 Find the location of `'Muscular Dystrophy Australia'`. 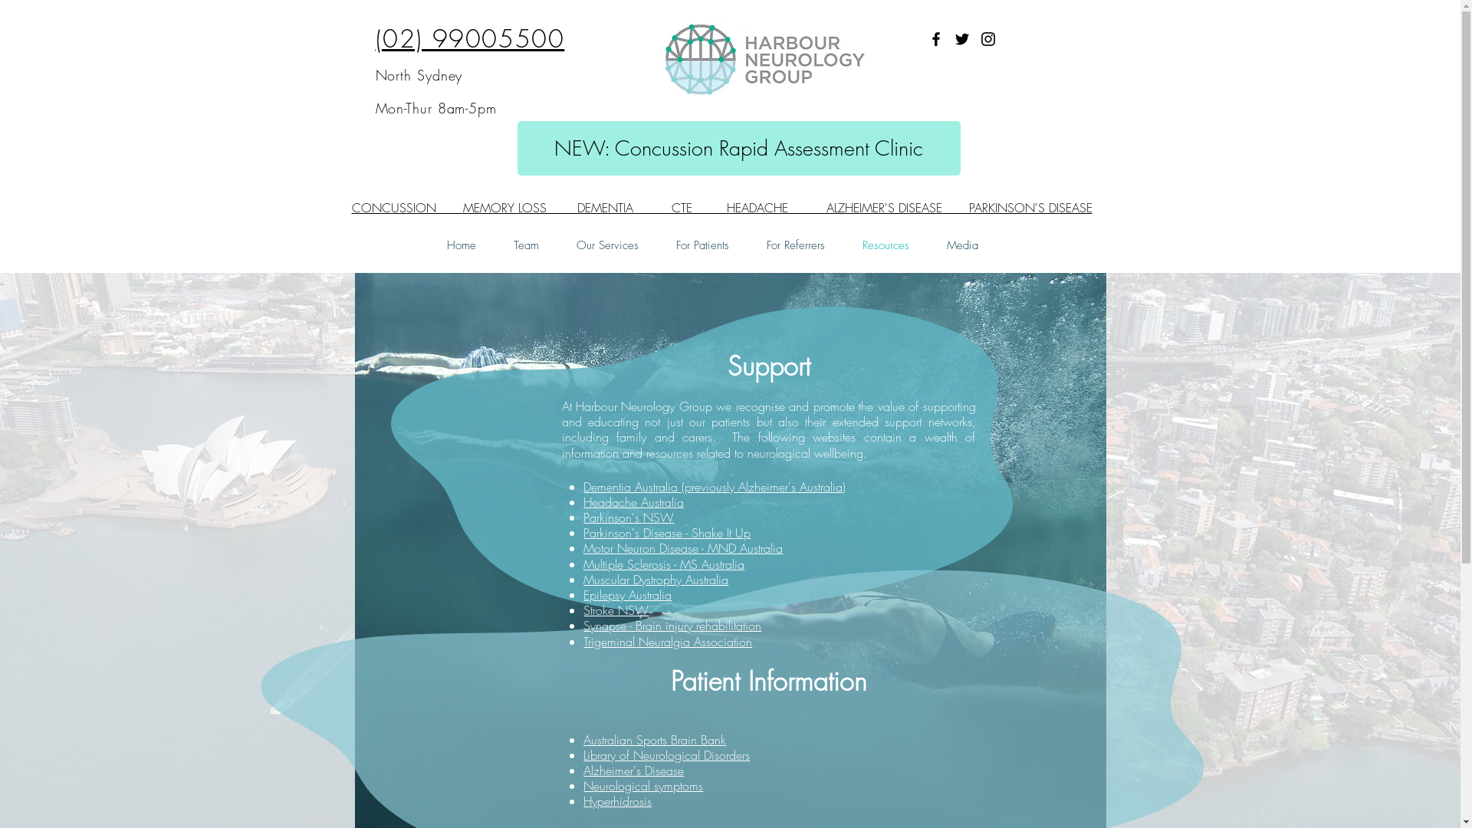

'Muscular Dystrophy Australia' is located at coordinates (655, 580).